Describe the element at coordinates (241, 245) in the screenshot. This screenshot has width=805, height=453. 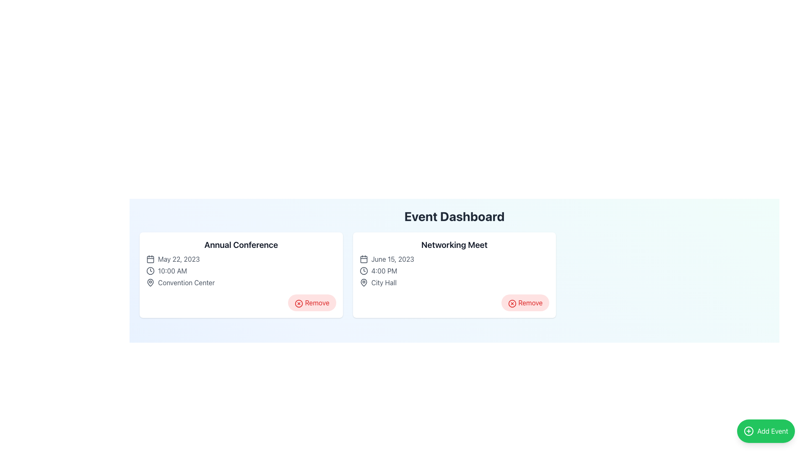
I see `the prominent text label that displays 'Annual Conference' located at the top of the left card in the grid layout` at that location.